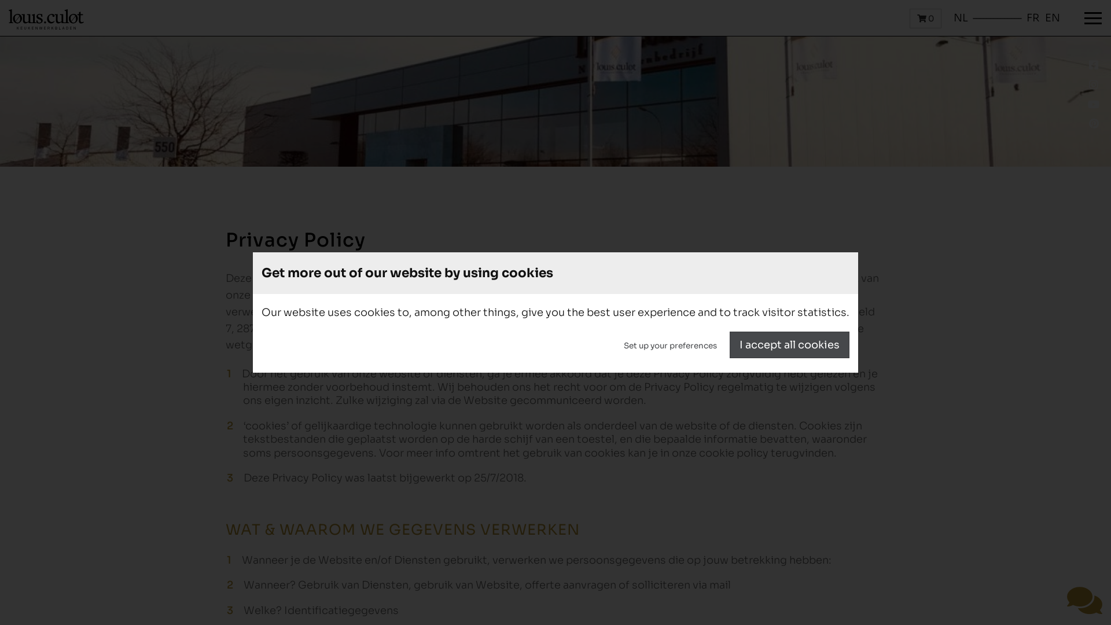 This screenshot has height=625, width=1111. What do you see at coordinates (961, 17) in the screenshot?
I see `'NL'` at bounding box center [961, 17].